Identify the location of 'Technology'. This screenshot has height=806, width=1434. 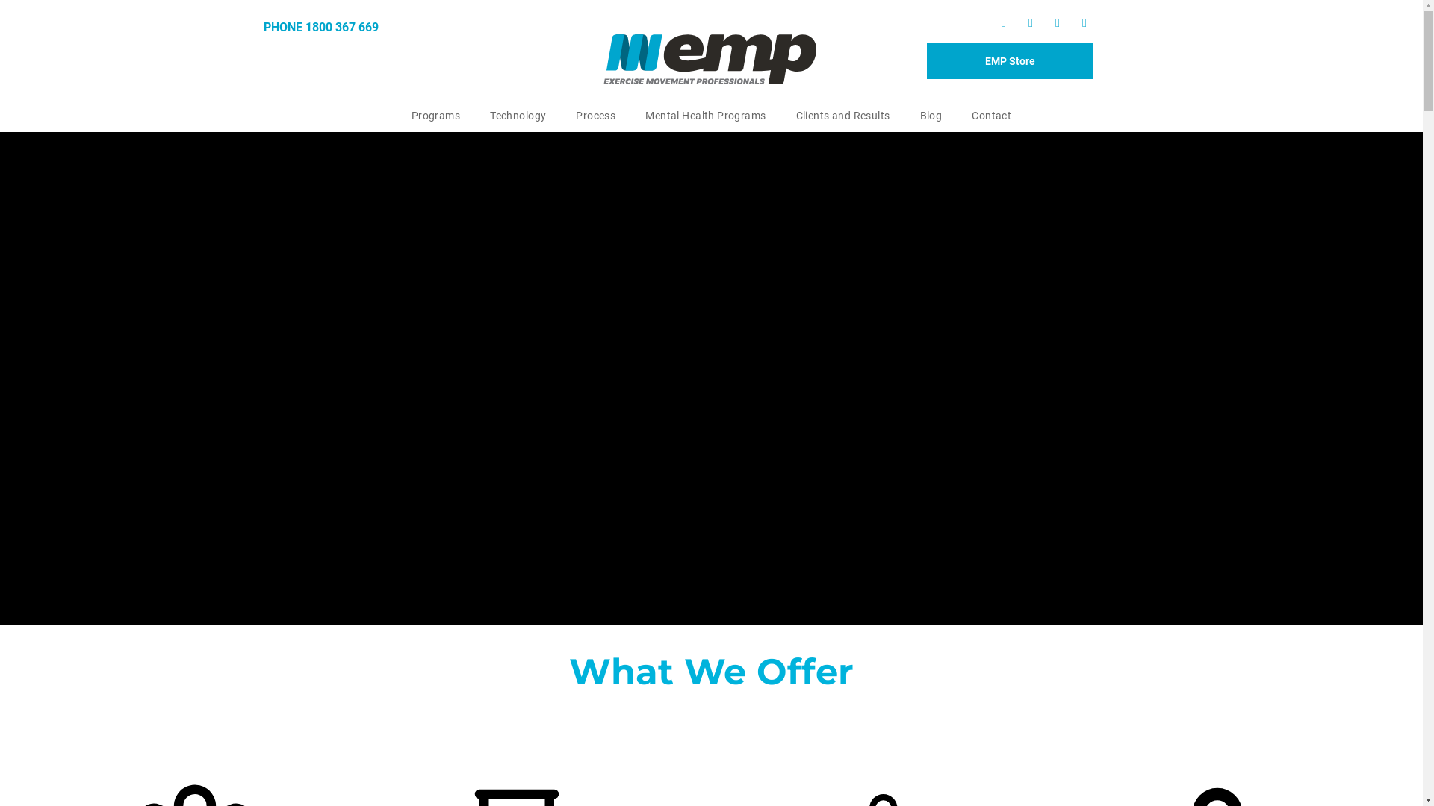
(518, 115).